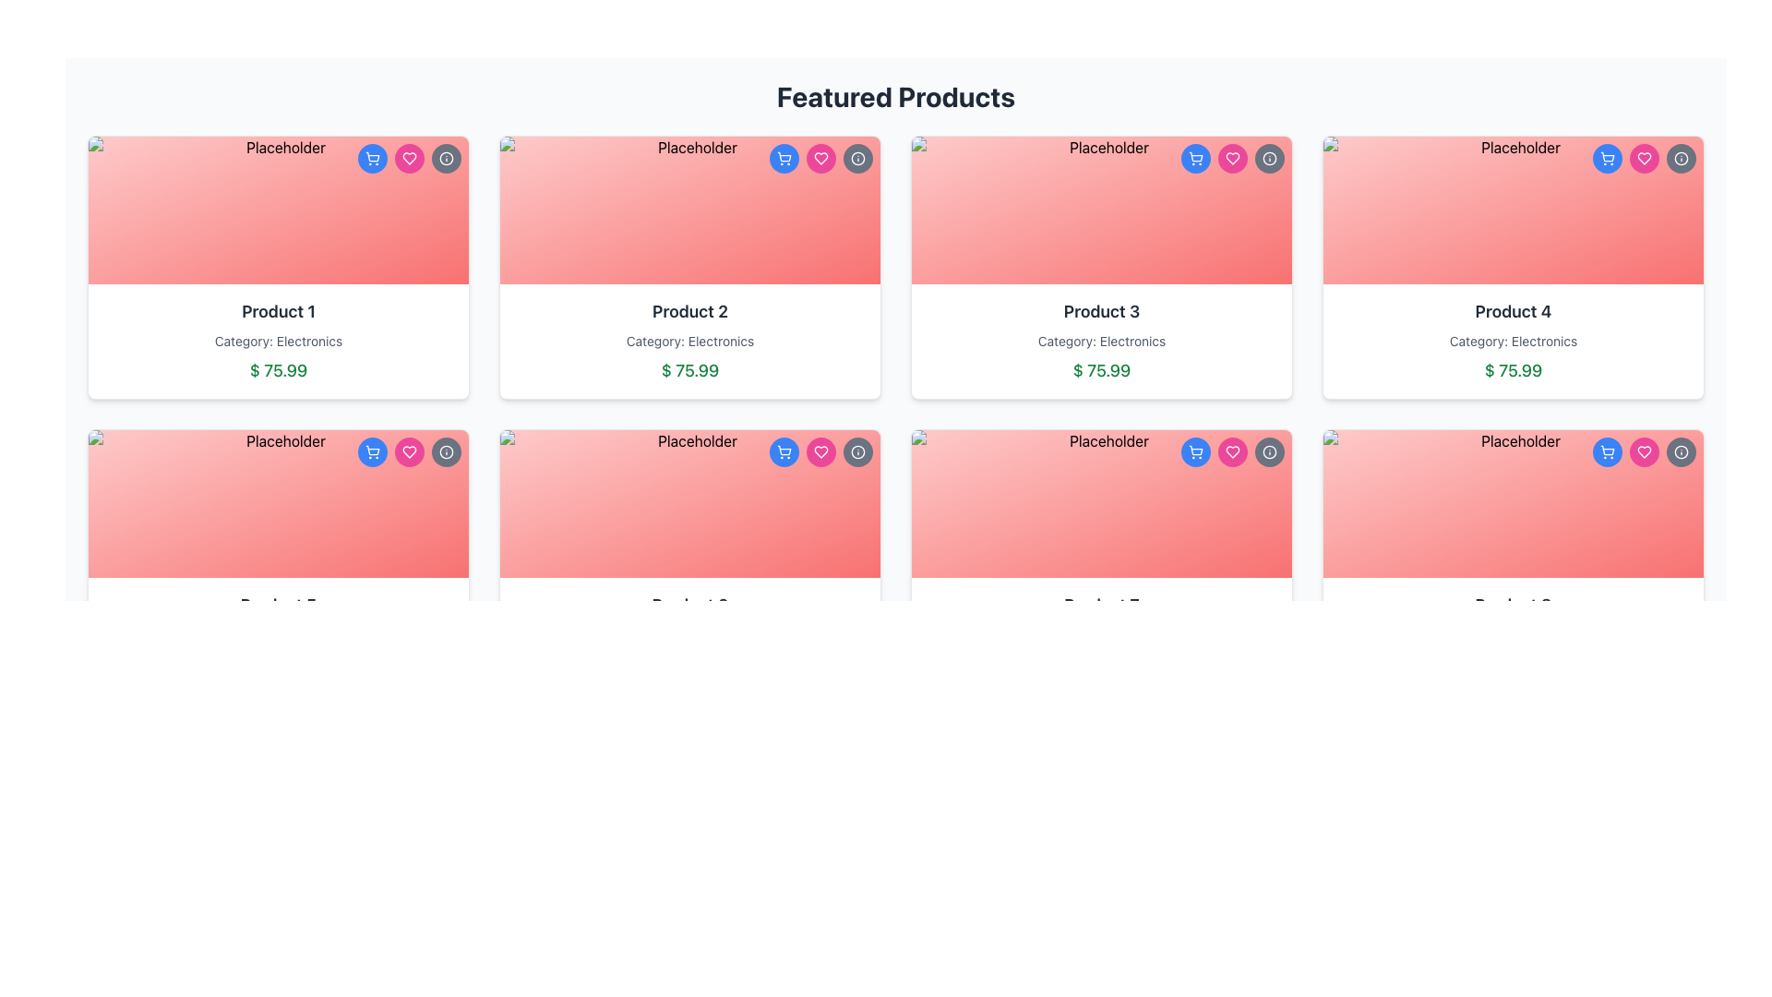  I want to click on the circular button with a gray background and white border containing an information icon, located in the top-right corner of the fourth product card, so click(1682, 158).